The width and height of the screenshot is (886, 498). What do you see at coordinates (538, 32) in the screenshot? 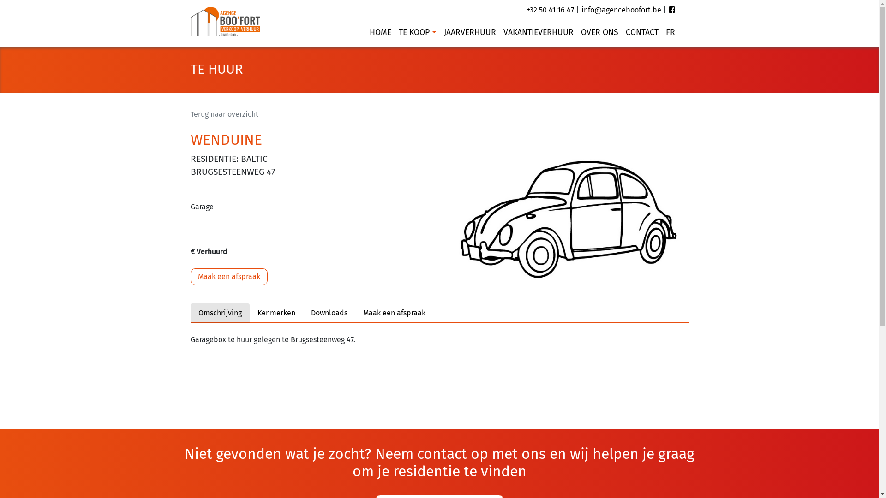
I see `'VAKANTIEVERHUUR'` at bounding box center [538, 32].